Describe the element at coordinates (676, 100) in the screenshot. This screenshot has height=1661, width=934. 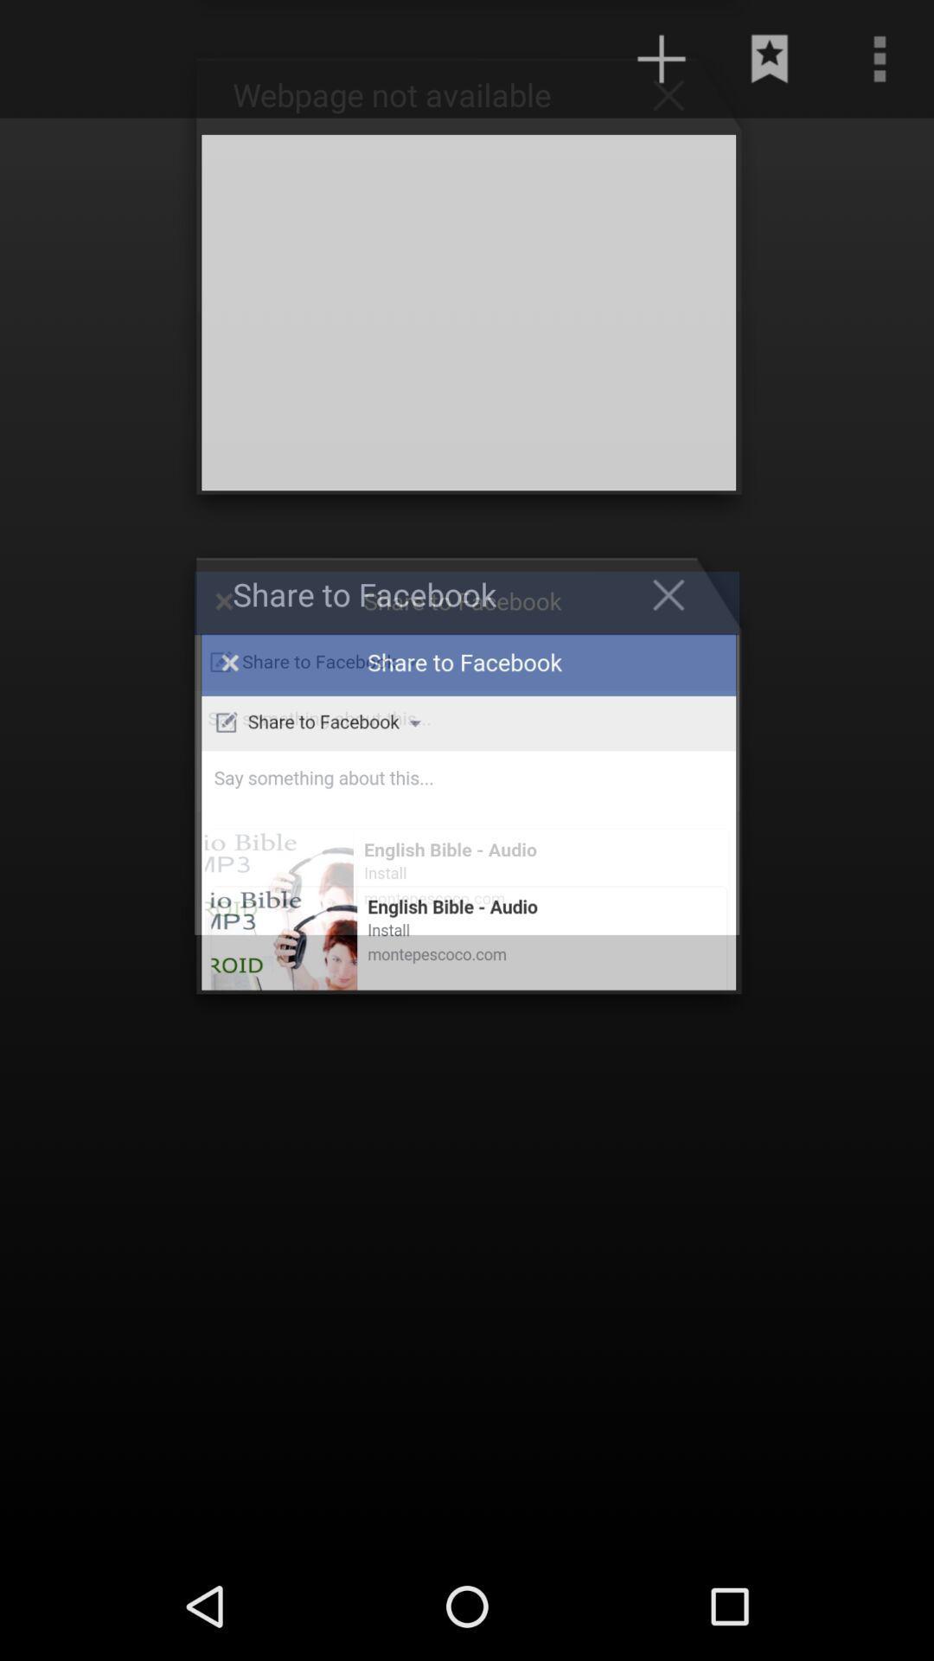
I see `the bookmark icon` at that location.